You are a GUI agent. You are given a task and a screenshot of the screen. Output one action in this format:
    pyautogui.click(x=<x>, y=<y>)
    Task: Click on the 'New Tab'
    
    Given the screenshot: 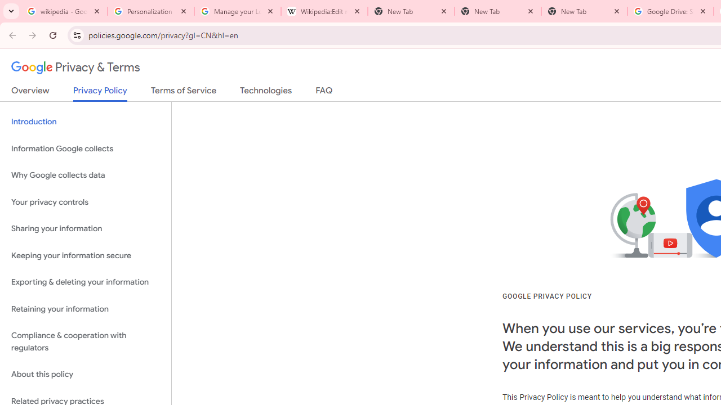 What is the action you would take?
    pyautogui.click(x=584, y=11)
    